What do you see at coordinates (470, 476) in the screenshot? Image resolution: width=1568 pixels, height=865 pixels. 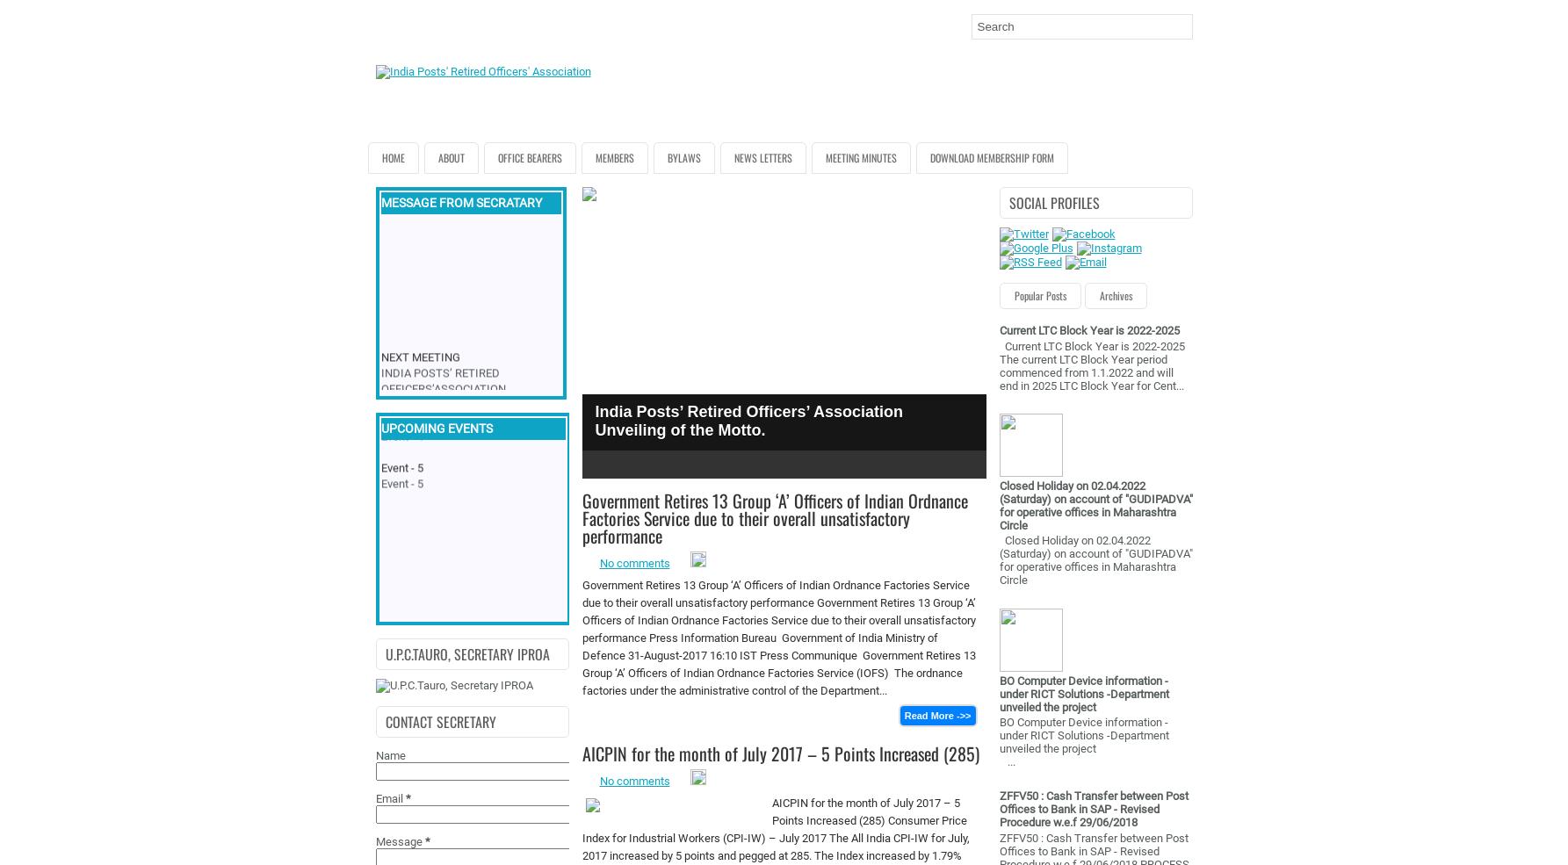 I see `'Respected Sir/Ma'am, The next  meeting of India Posts' Retired Officers' Association will be held on Saturday the 28th November 2020 at 10.30 a.m onwards through Zoom  under the Chairmanship of Shri R.Ganesan Ex Secretary Dept of Posts India. The notification has been issued with the Agenda of the meeting and circulated to all  
With Profound Respects, Yours Sincerely  U.P.C.Tauro'` at bounding box center [470, 476].